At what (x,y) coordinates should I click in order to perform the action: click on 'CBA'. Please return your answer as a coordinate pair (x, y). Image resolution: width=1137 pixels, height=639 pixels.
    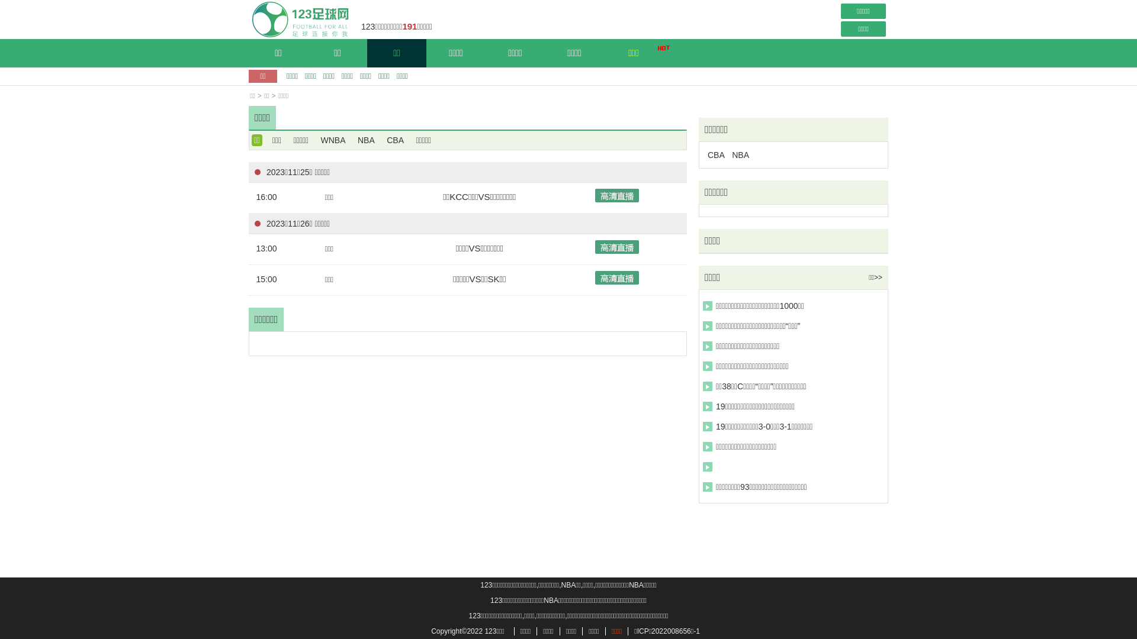
    Looking at the image, I should click on (384, 139).